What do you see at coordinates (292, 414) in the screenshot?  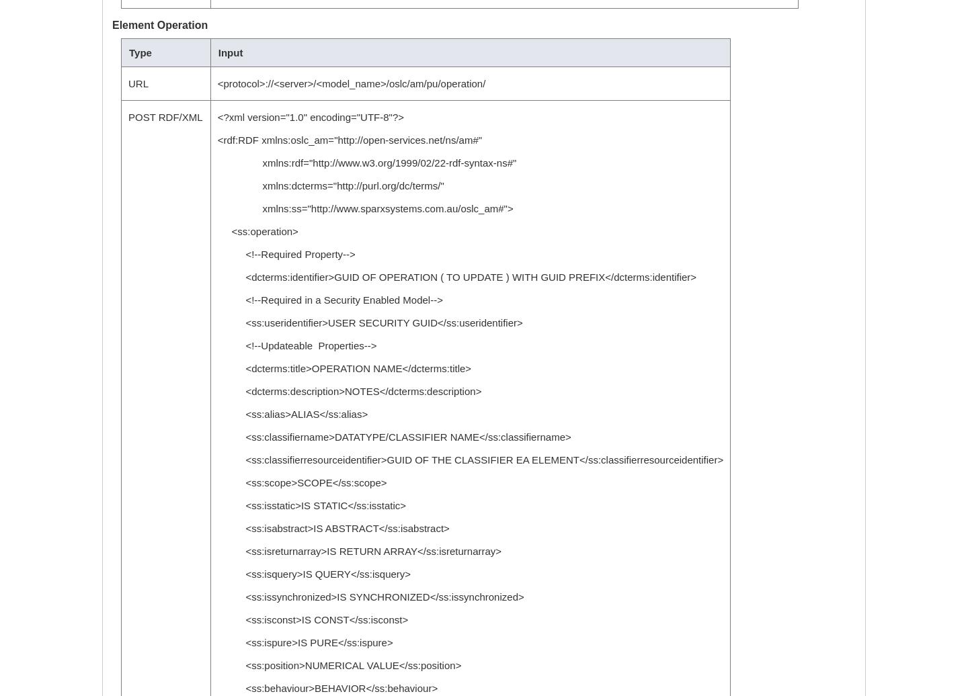 I see `'<ss:alias>ALIAS</ss:alias>'` at bounding box center [292, 414].